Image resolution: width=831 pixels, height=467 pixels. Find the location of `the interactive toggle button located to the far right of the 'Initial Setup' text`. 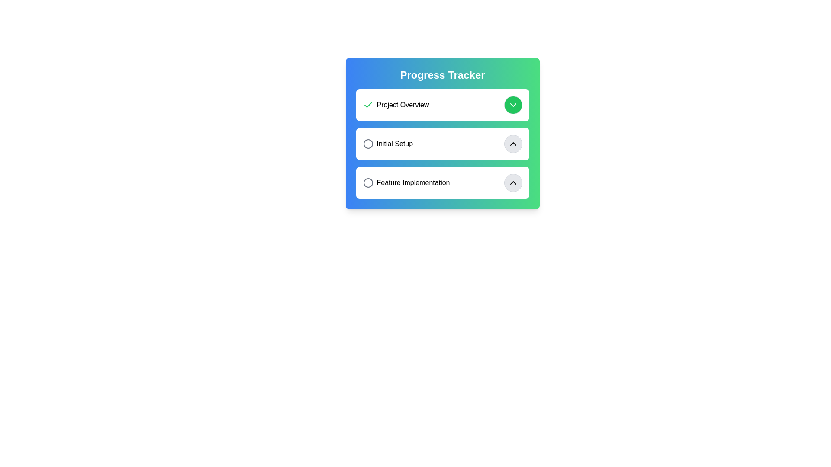

the interactive toggle button located to the far right of the 'Initial Setup' text is located at coordinates (513, 143).